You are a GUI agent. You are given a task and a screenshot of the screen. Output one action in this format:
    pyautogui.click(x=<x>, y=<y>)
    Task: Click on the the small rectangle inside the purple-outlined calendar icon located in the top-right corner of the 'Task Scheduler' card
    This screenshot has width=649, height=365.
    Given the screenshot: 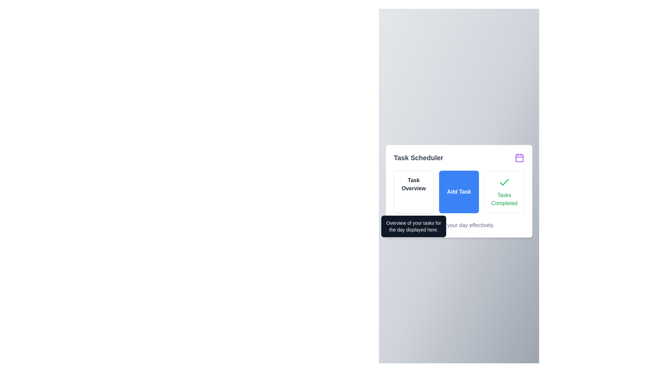 What is the action you would take?
    pyautogui.click(x=519, y=158)
    